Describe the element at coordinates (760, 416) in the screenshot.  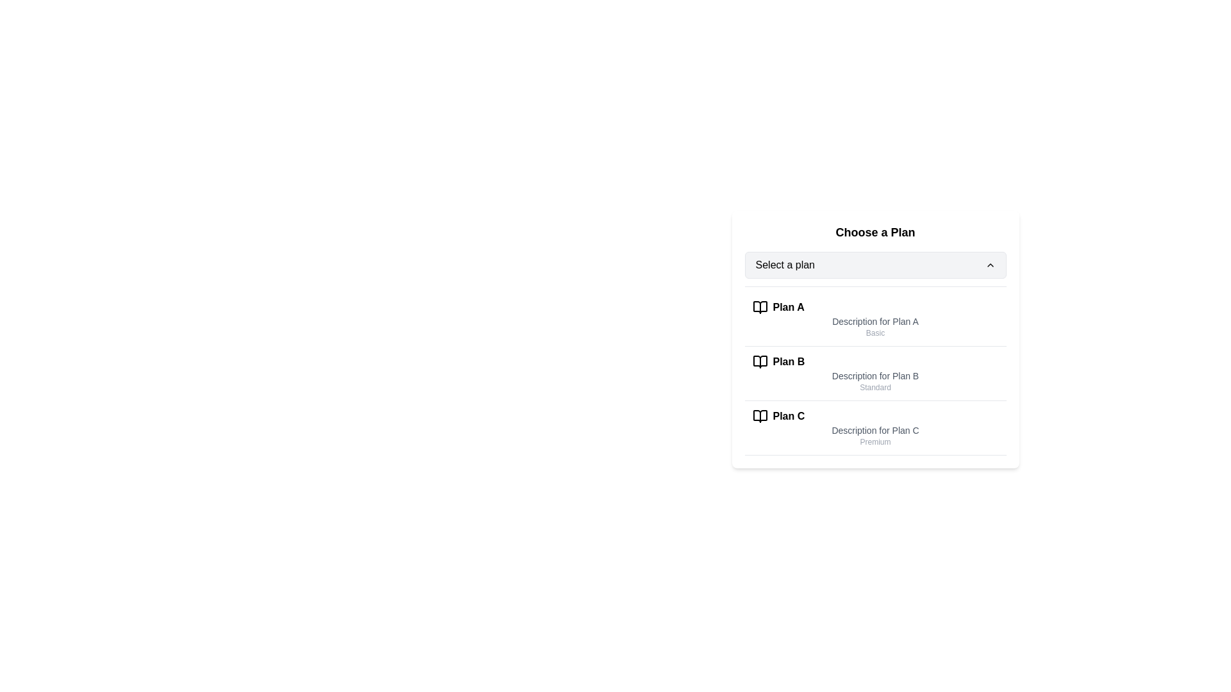
I see `the 'Plan C' icon, which is located to the left of the text 'Plan C' in the list of items related to different plans` at that location.